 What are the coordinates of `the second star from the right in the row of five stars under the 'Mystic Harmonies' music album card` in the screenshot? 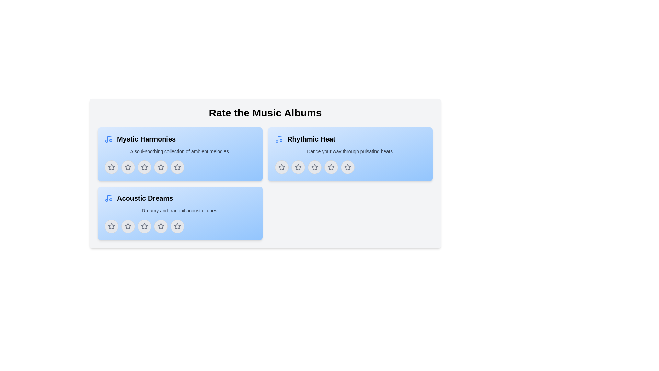 It's located at (177, 167).